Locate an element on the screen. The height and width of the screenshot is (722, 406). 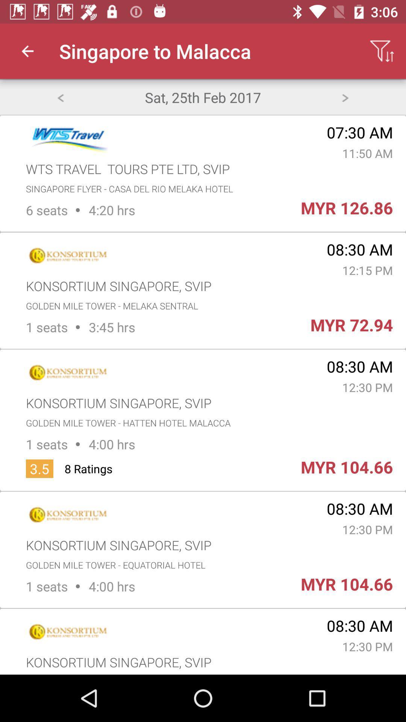
back a day is located at coordinates (60, 97).